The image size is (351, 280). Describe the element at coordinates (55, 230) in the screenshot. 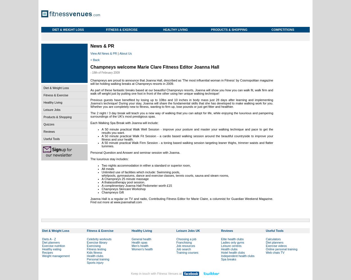

I see `'Diet 
            & Weight Loss'` at that location.